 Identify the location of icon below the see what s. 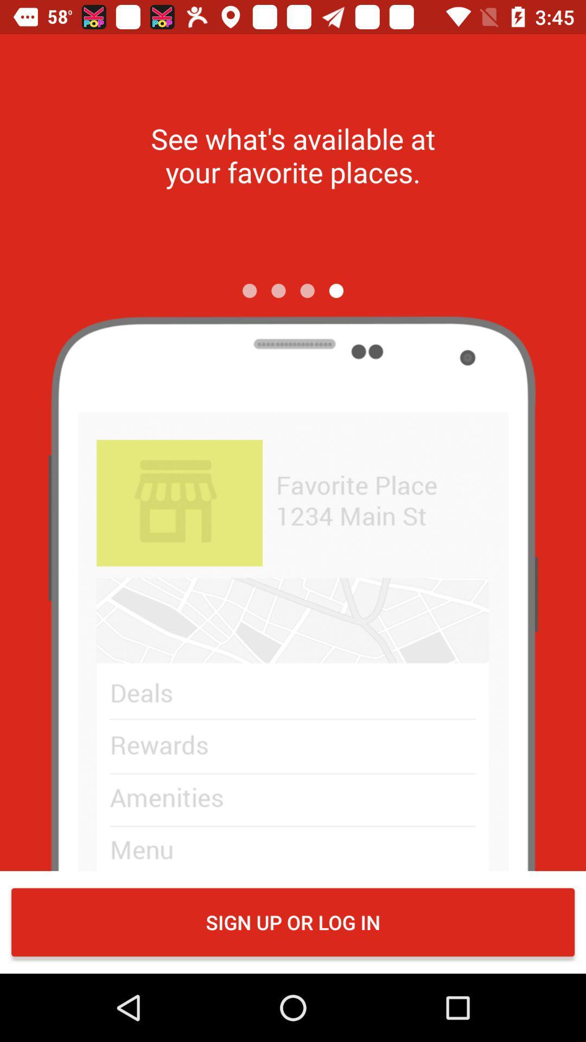
(250, 290).